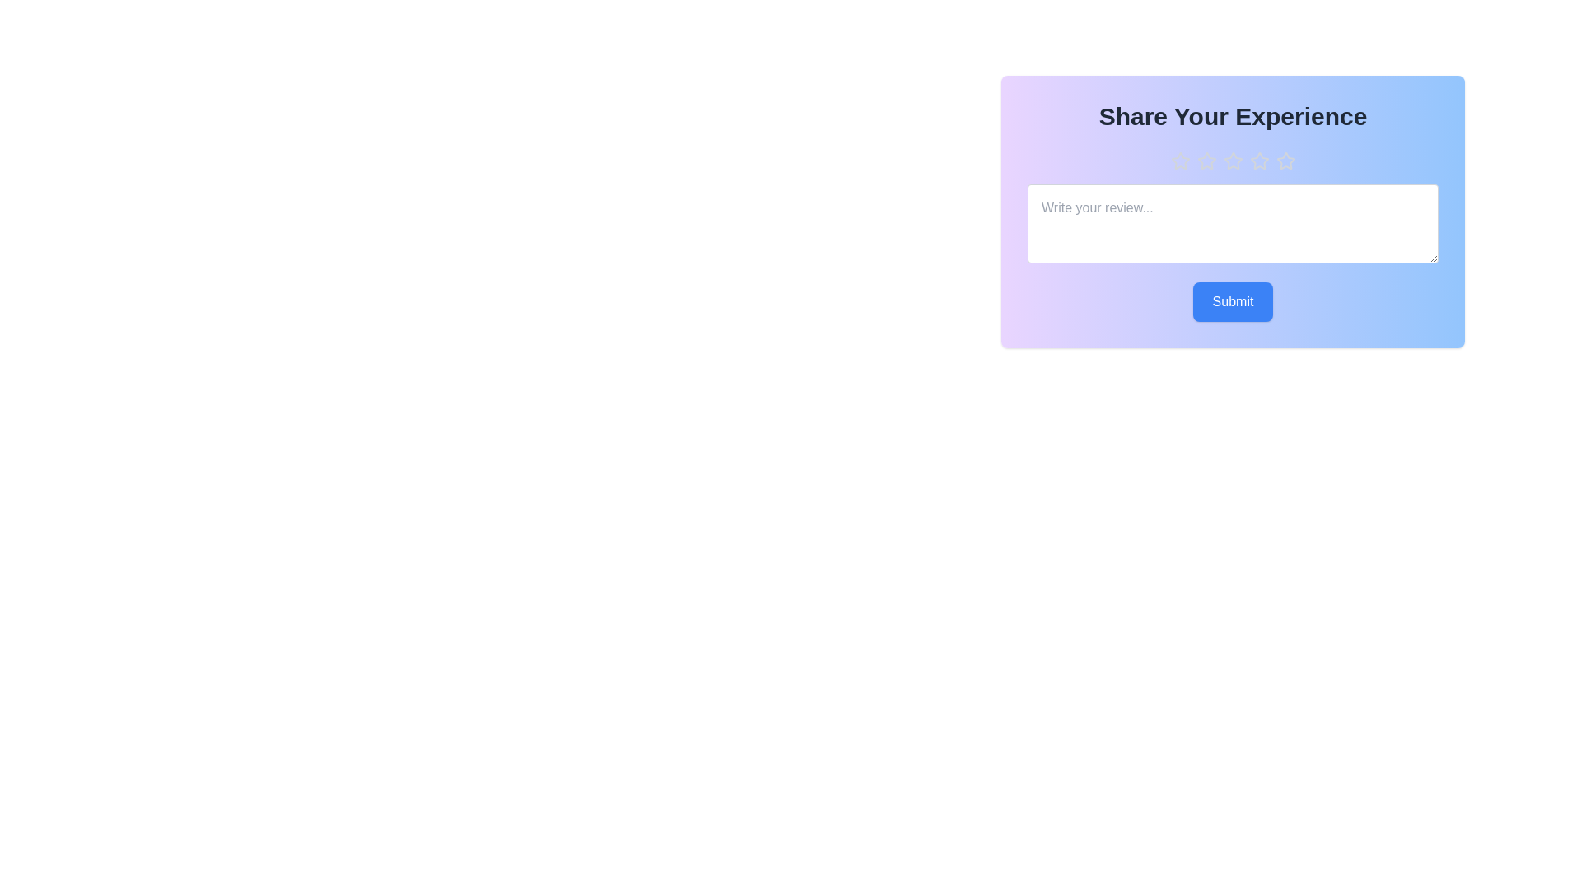 Image resolution: width=1581 pixels, height=889 pixels. Describe the element at coordinates (1233, 161) in the screenshot. I see `the rating to 3 stars by clicking the corresponding star button` at that location.